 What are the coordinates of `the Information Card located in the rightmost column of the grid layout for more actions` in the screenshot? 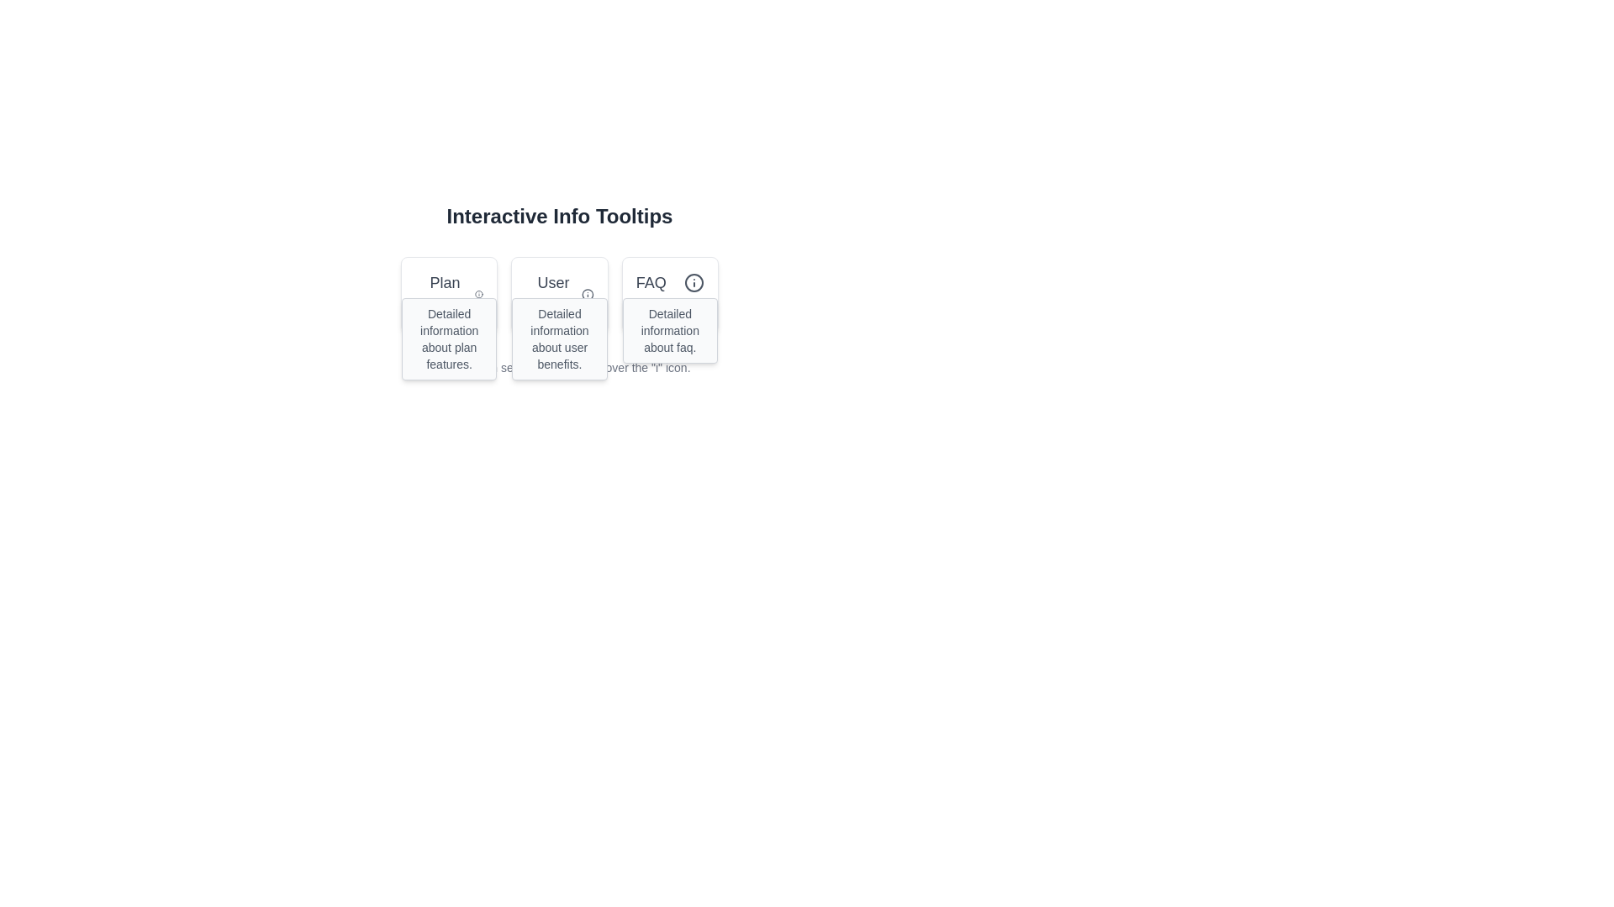 It's located at (668, 294).